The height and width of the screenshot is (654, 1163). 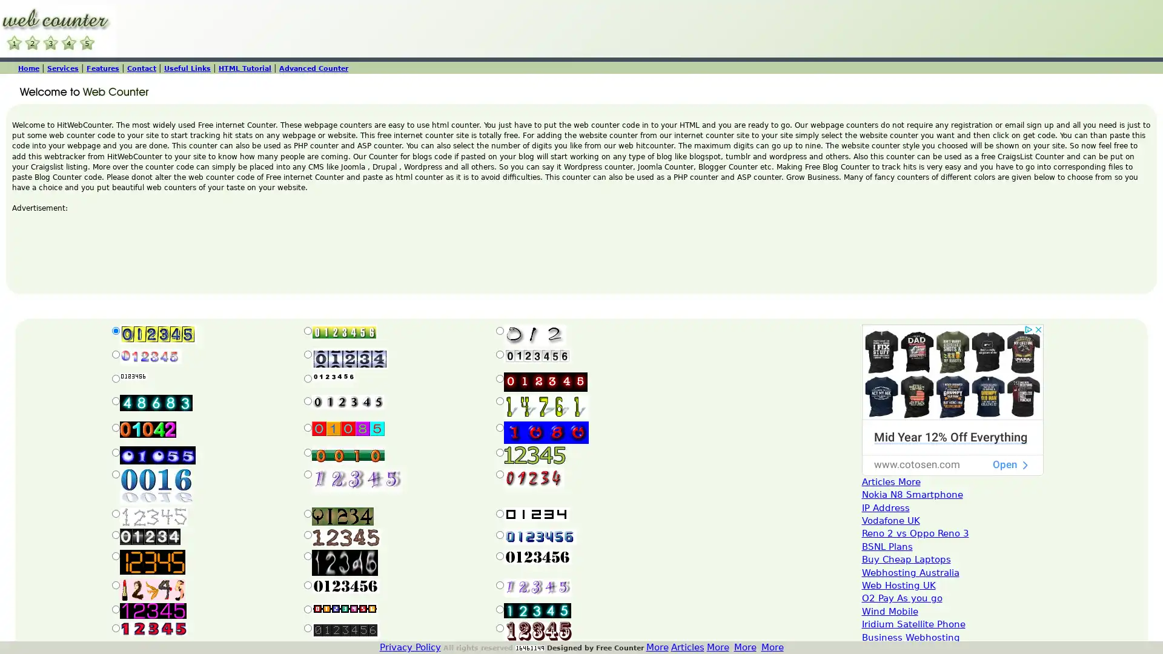 I want to click on Submit, so click(x=343, y=609).